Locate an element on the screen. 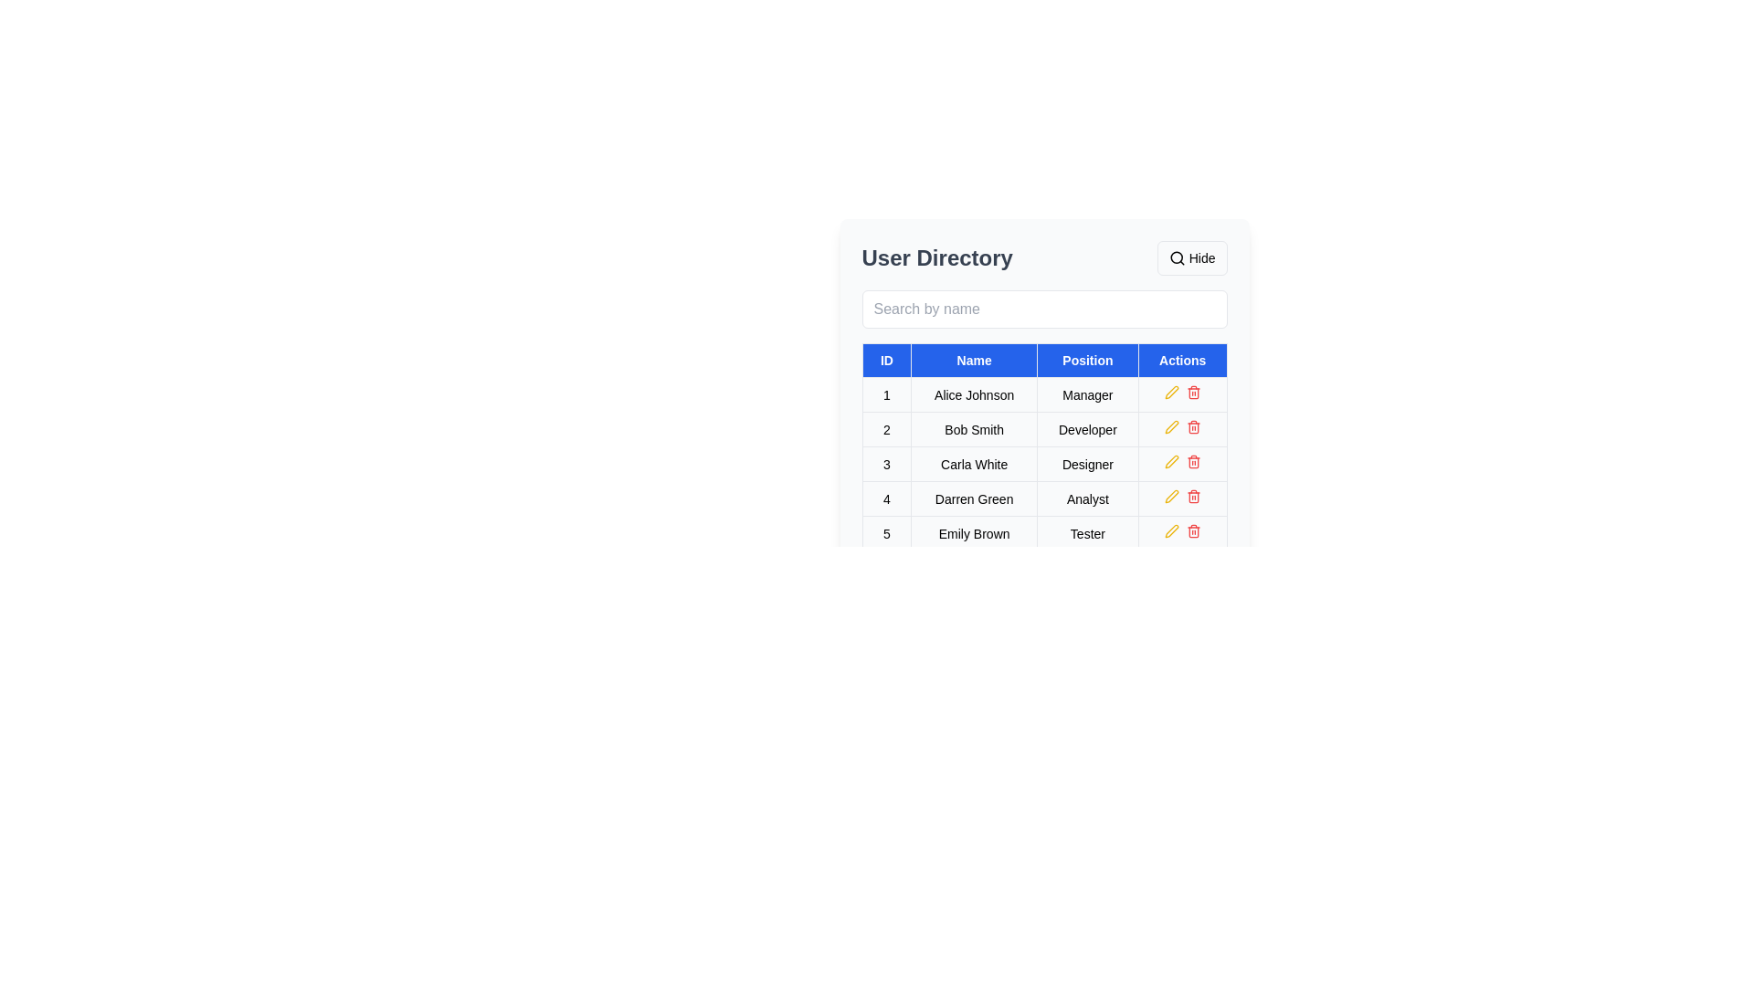 The height and width of the screenshot is (986, 1754). the second row of the 'User Directory' interface is located at coordinates (1044, 429).